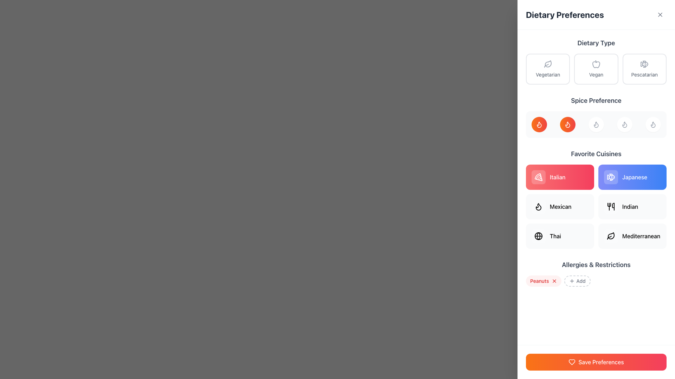  Describe the element at coordinates (611, 177) in the screenshot. I see `the leftmost curve of the fish icon located in the upper-right corner of the 'Dietary Preferences' panel` at that location.